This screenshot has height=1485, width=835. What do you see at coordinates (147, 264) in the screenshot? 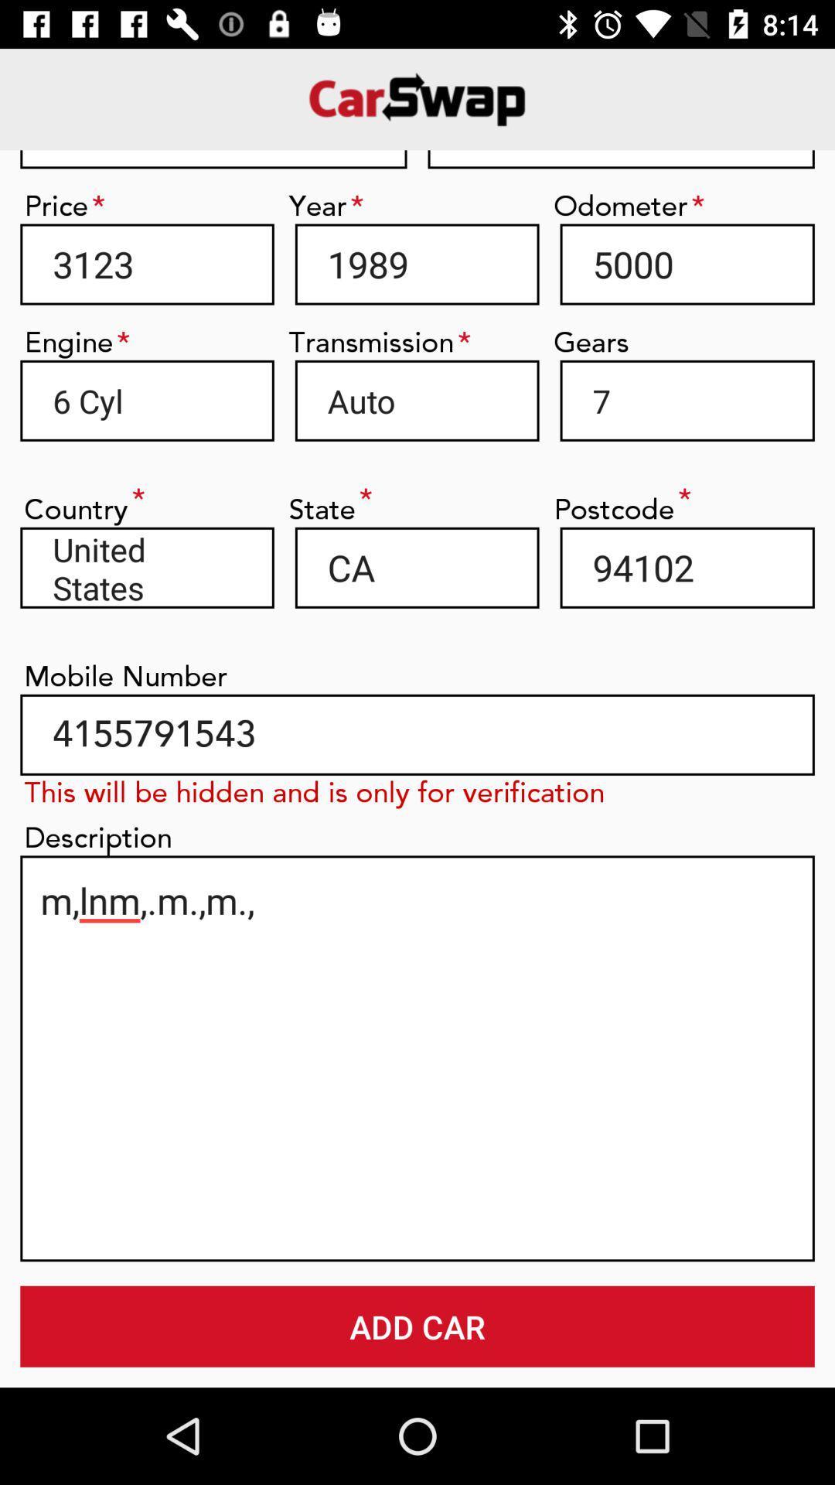
I see `3123` at bounding box center [147, 264].